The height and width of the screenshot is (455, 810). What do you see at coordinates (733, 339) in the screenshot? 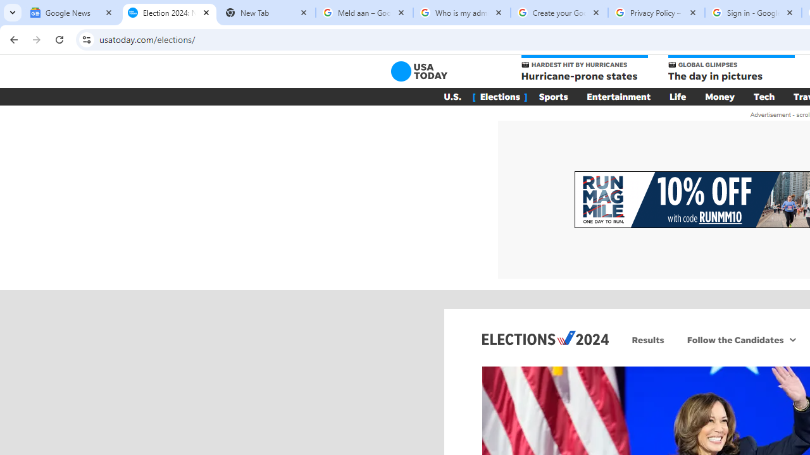
I see `'Follow the Candidates'` at bounding box center [733, 339].